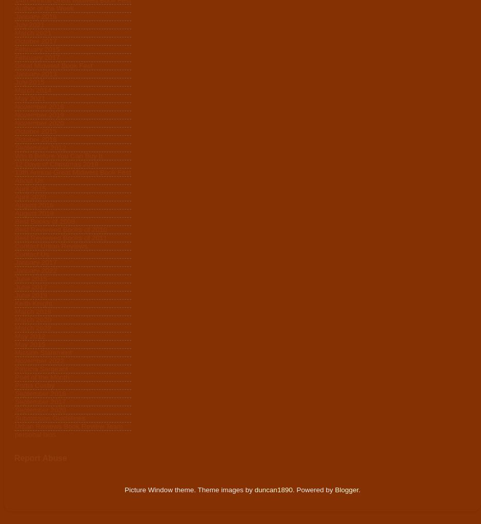 This screenshot has width=481, height=524. Describe the element at coordinates (347, 490) in the screenshot. I see `'Blogger'` at that location.